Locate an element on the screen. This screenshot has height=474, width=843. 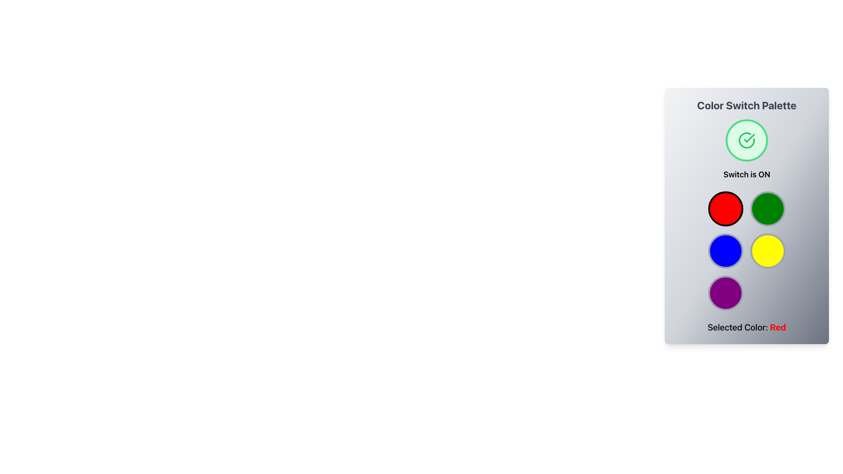
the circular button with a green border and a light green background that has a green checkmark icon at its center is located at coordinates (746, 140).